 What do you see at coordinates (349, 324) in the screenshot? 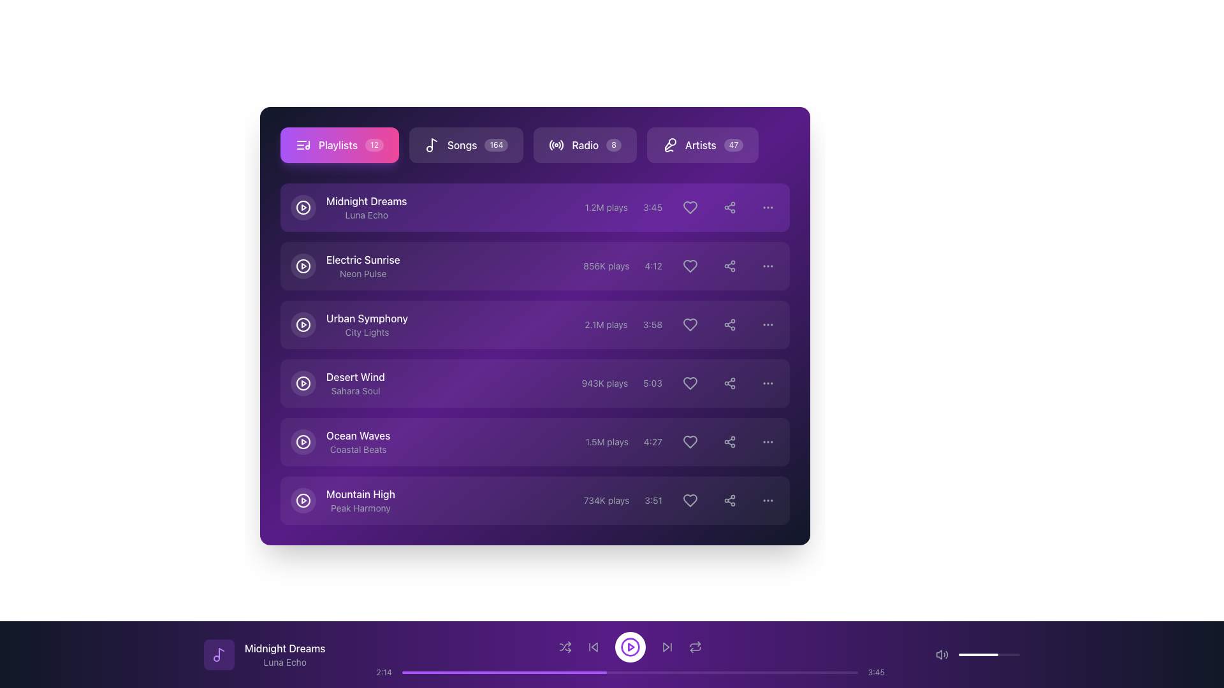
I see `the playlist item 'Urban Symphony' with the subtitle 'City Lights'` at bounding box center [349, 324].